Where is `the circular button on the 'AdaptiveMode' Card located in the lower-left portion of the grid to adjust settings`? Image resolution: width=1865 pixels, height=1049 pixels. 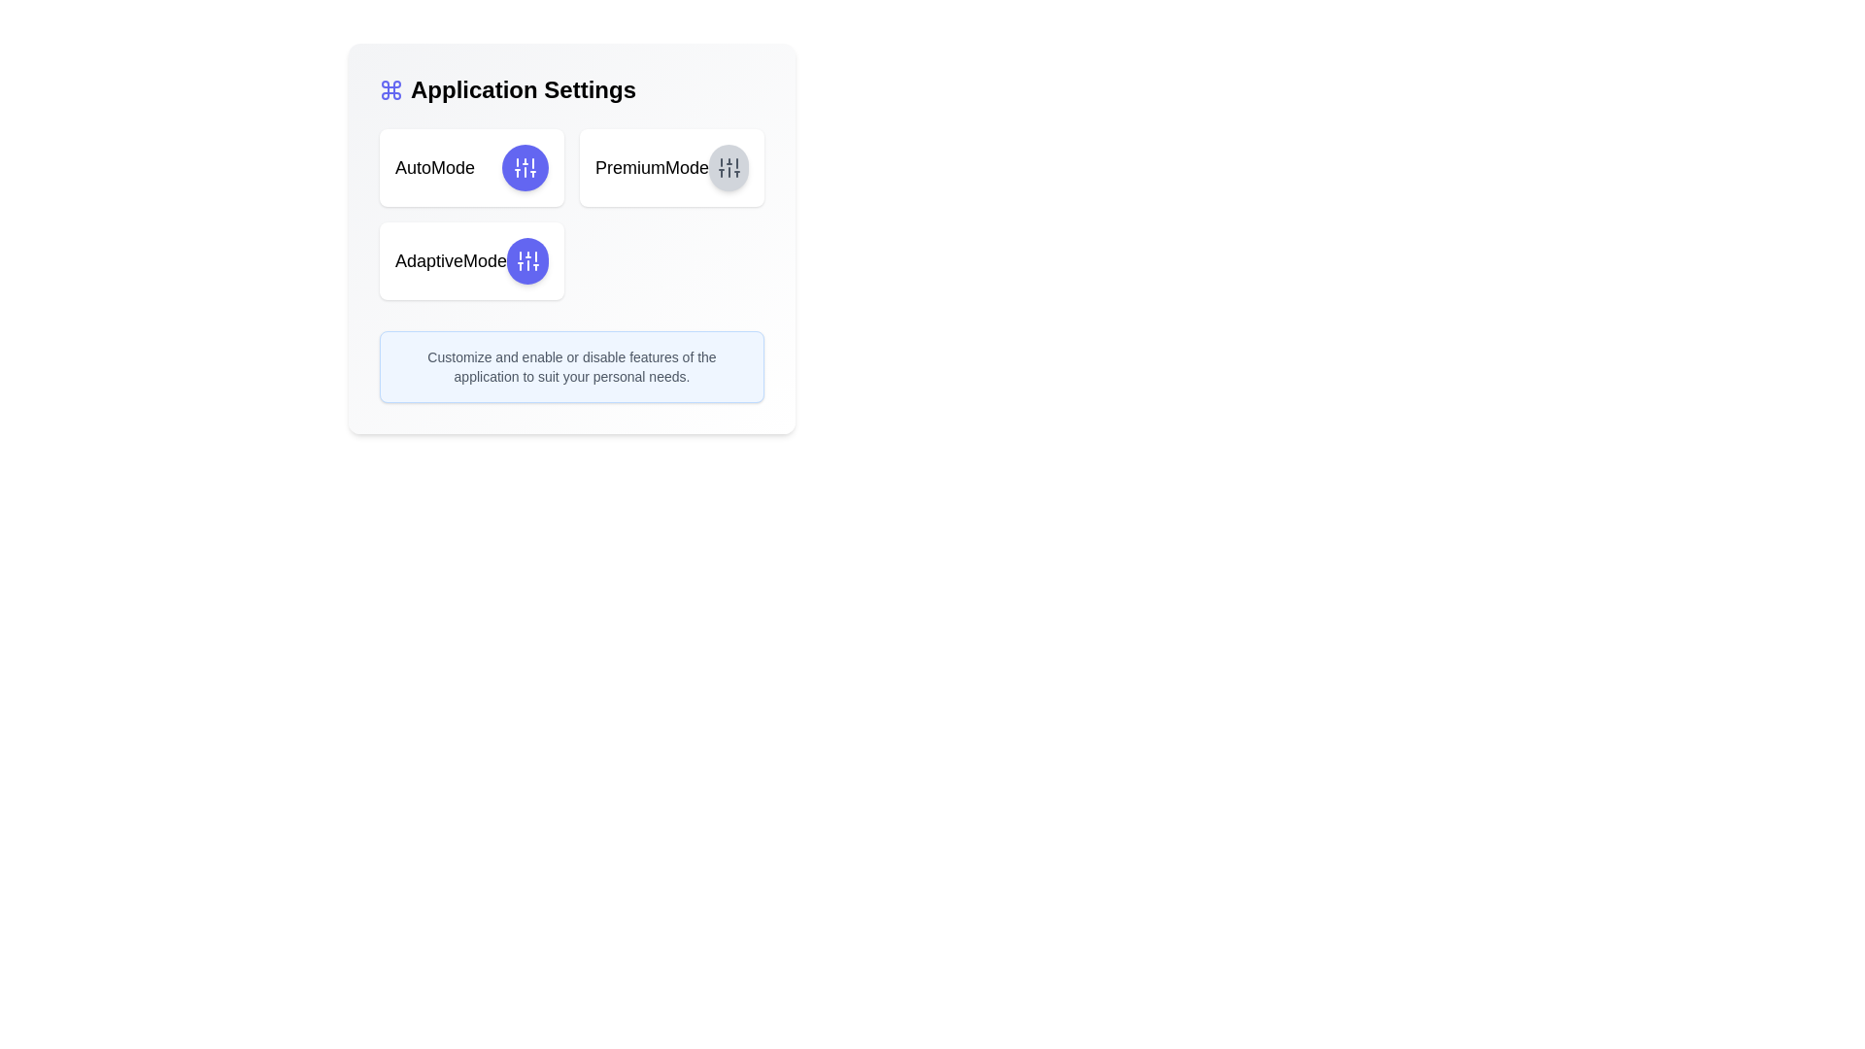
the circular button on the 'AdaptiveMode' Card located in the lower-left portion of the grid to adjust settings is located at coordinates (471, 260).